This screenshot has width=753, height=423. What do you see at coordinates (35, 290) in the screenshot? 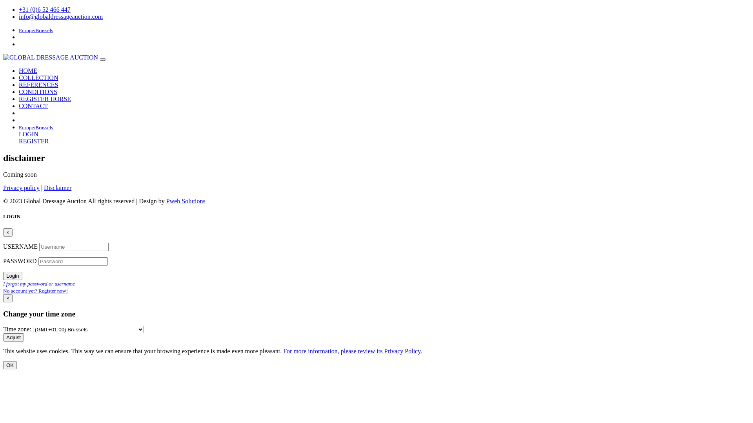
I see `'No account yet? Register now!'` at bounding box center [35, 290].